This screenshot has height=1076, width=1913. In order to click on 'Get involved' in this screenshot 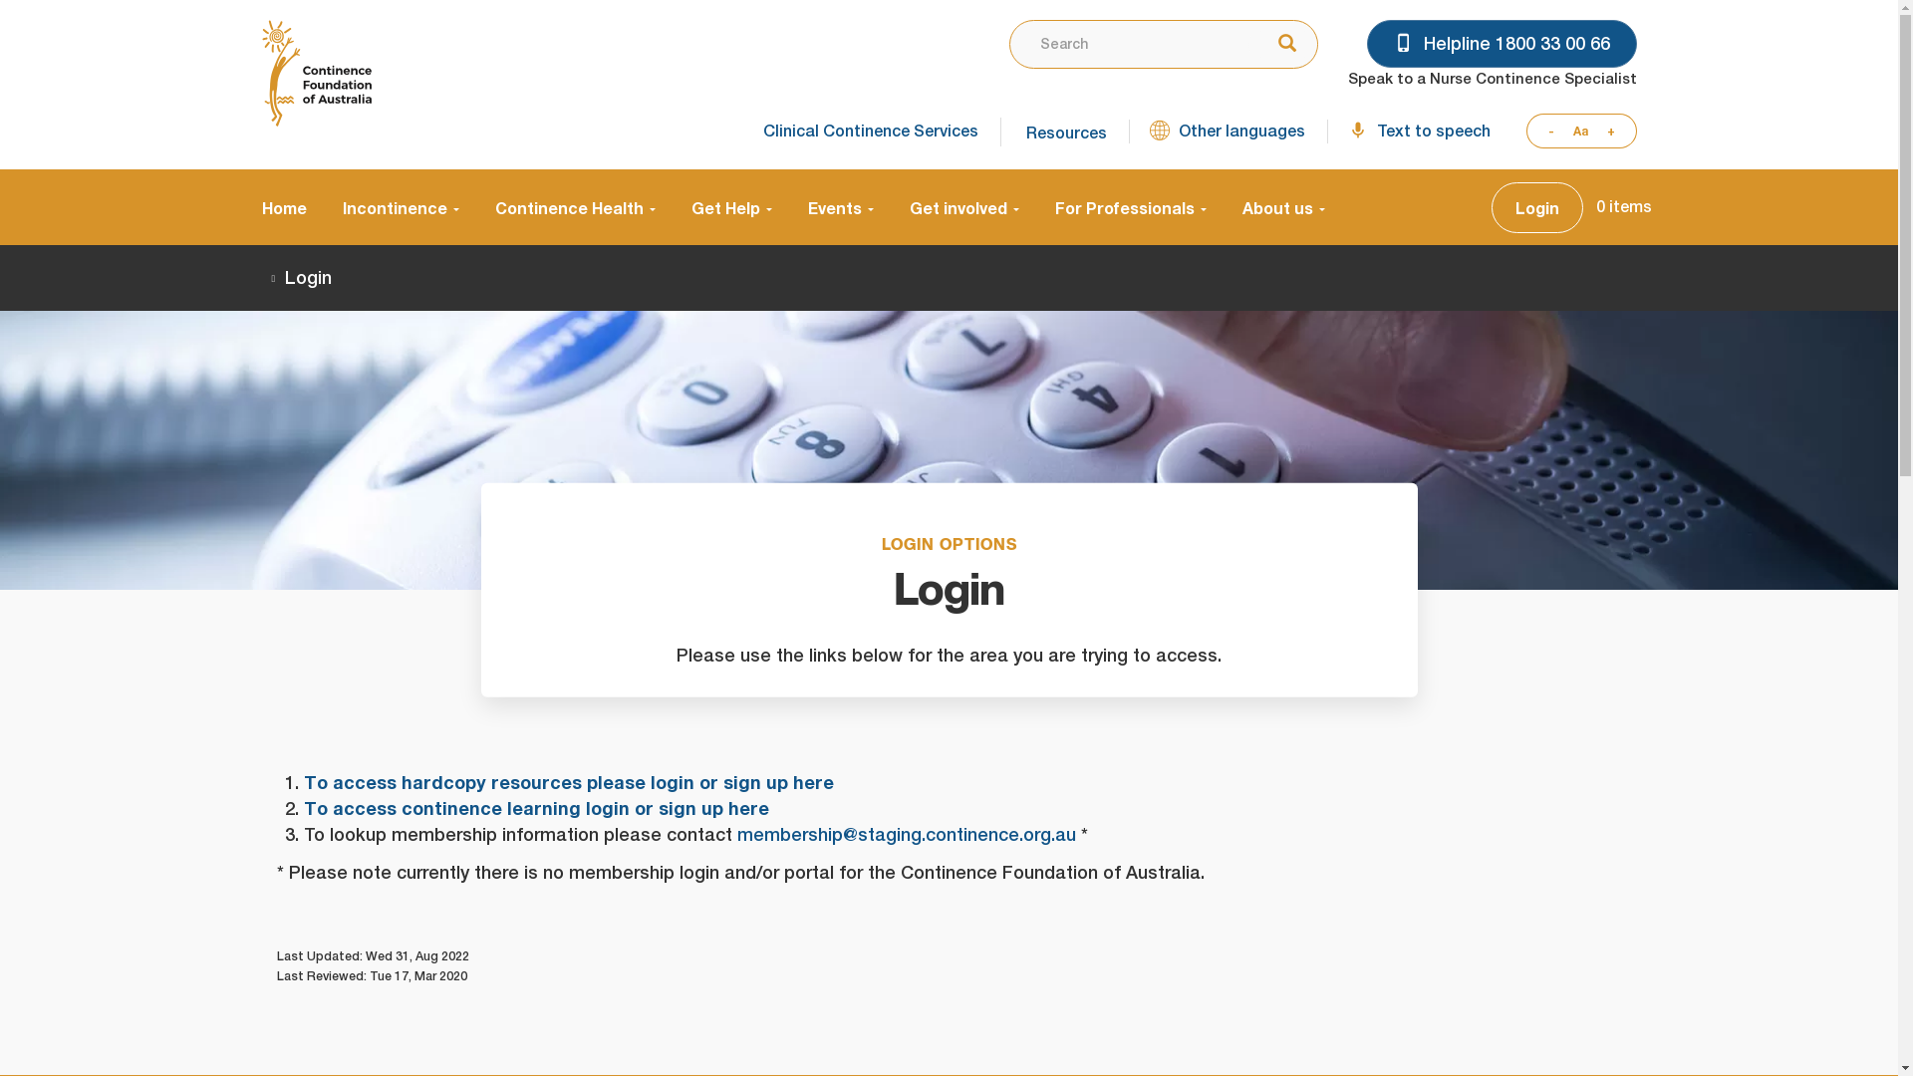, I will do `click(889, 207)`.